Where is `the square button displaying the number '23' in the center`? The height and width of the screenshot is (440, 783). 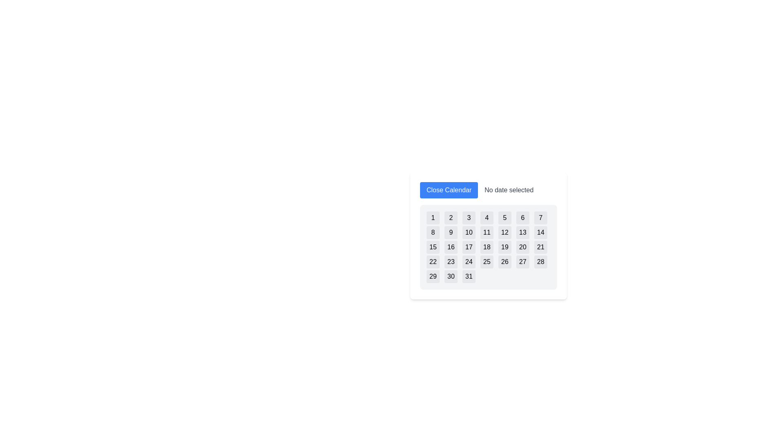 the square button displaying the number '23' in the center is located at coordinates (450, 262).